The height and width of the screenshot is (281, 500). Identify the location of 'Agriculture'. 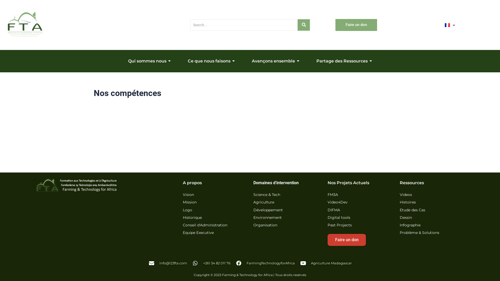
(264, 202).